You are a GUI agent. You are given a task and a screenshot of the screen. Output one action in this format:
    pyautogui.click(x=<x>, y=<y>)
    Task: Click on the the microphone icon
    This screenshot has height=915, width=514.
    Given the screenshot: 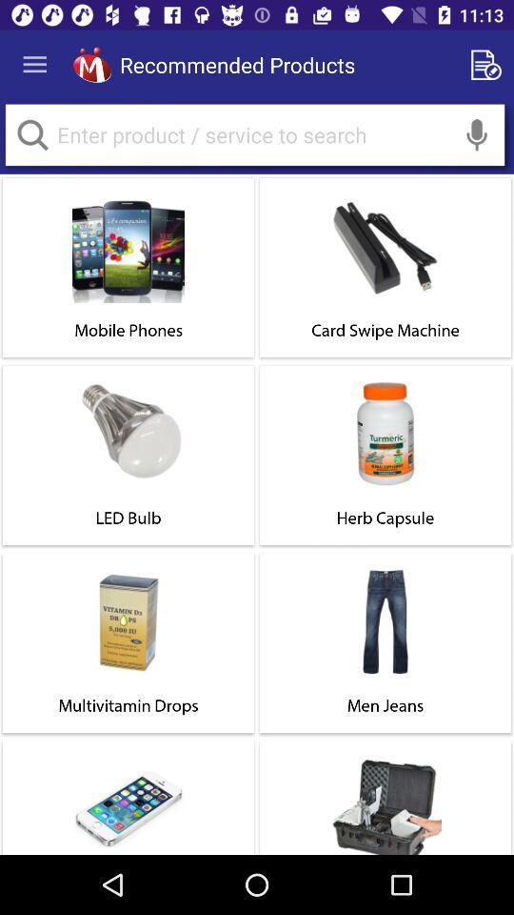 What is the action you would take?
    pyautogui.click(x=476, y=133)
    